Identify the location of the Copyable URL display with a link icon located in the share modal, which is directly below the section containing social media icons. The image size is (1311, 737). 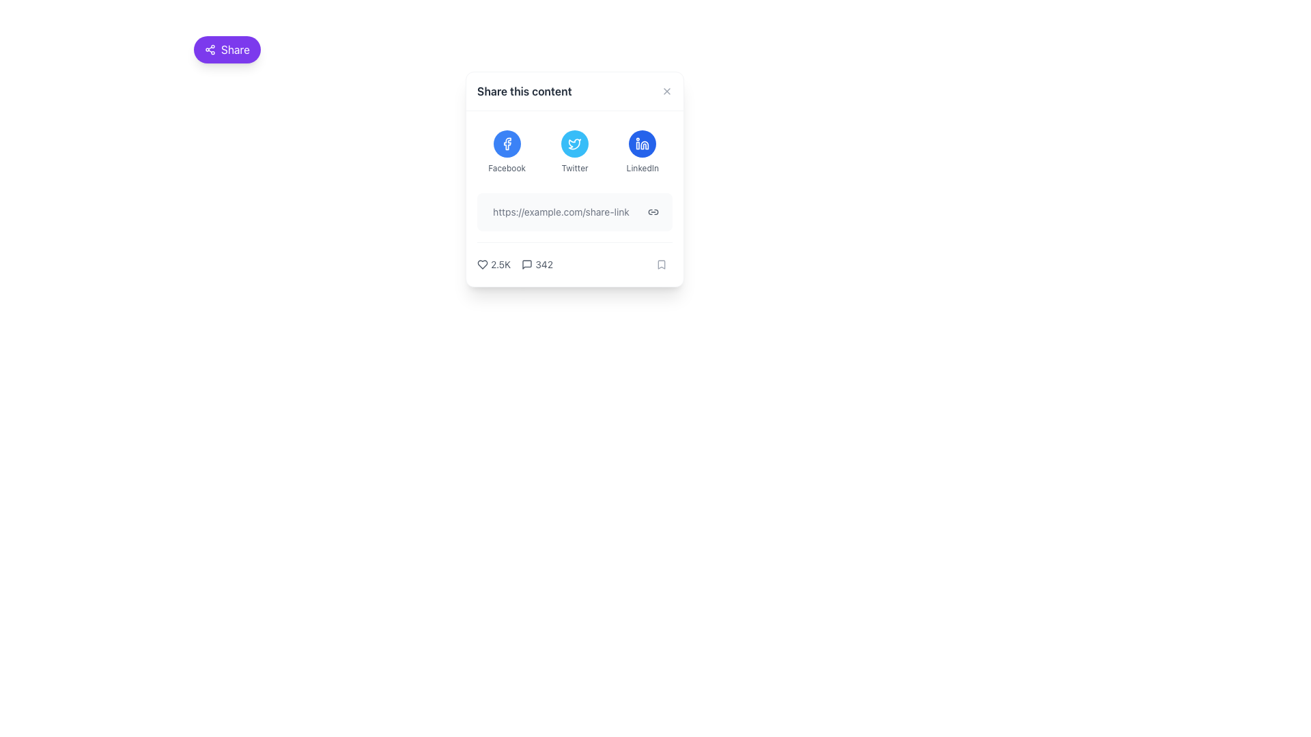
(574, 212).